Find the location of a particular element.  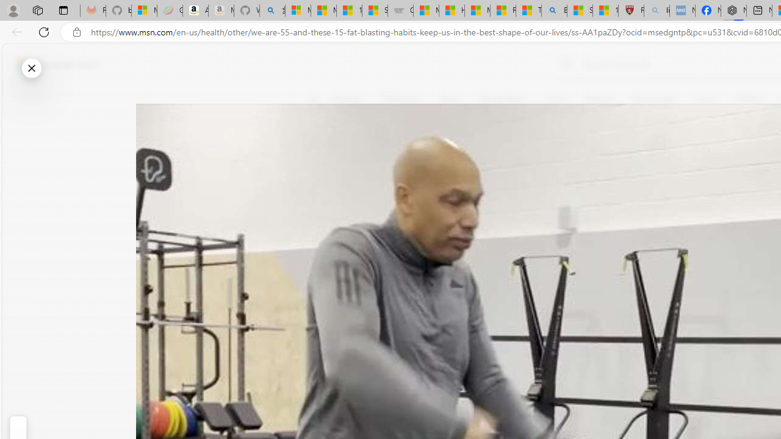

'Recipes - MSN' is located at coordinates (503, 10).